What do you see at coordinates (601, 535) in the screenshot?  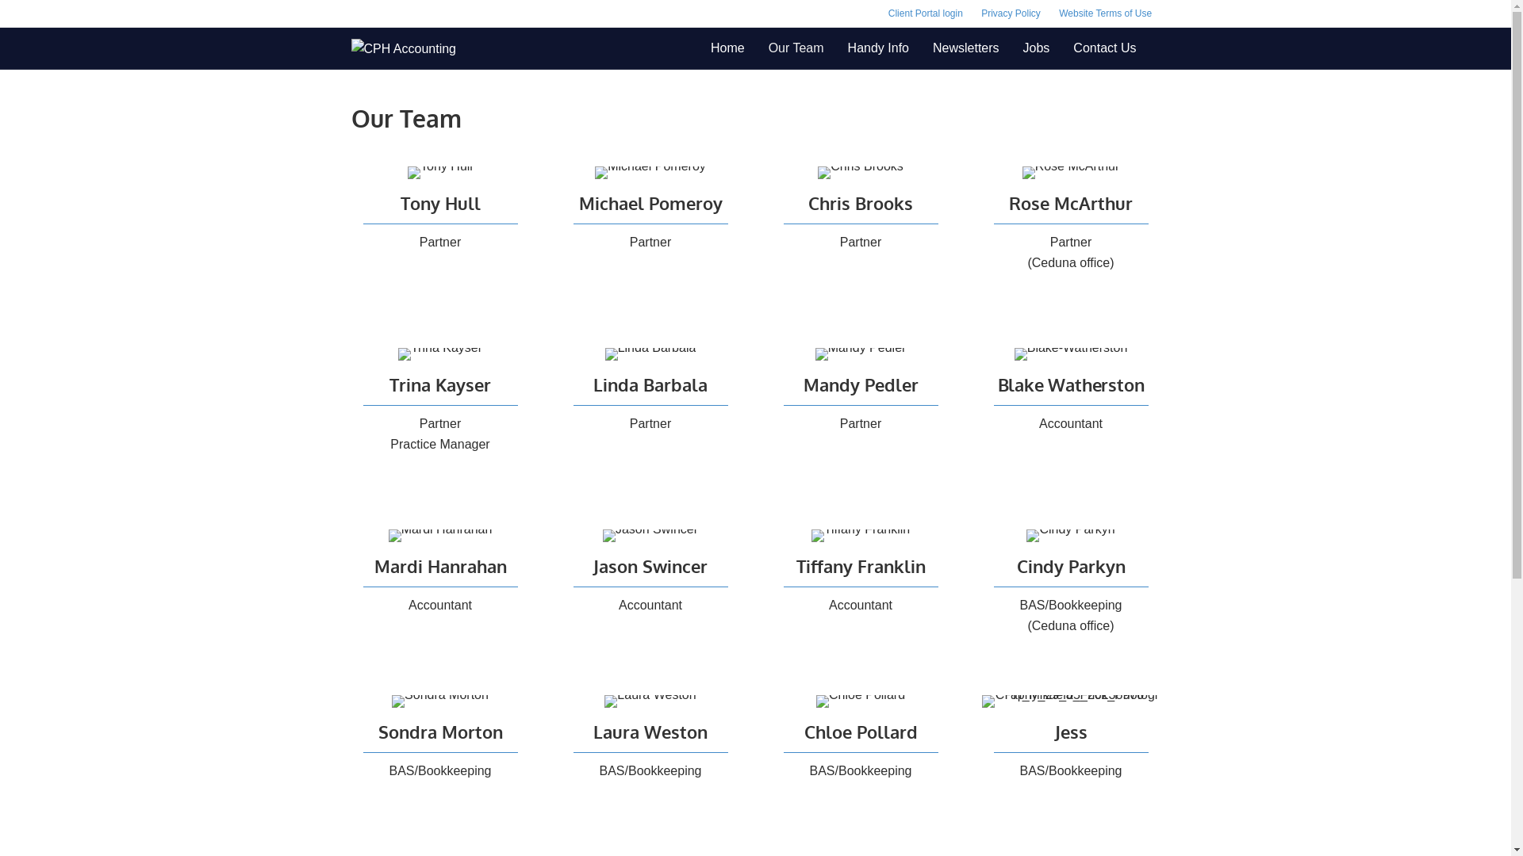 I see `'Jason-Swincer'` at bounding box center [601, 535].